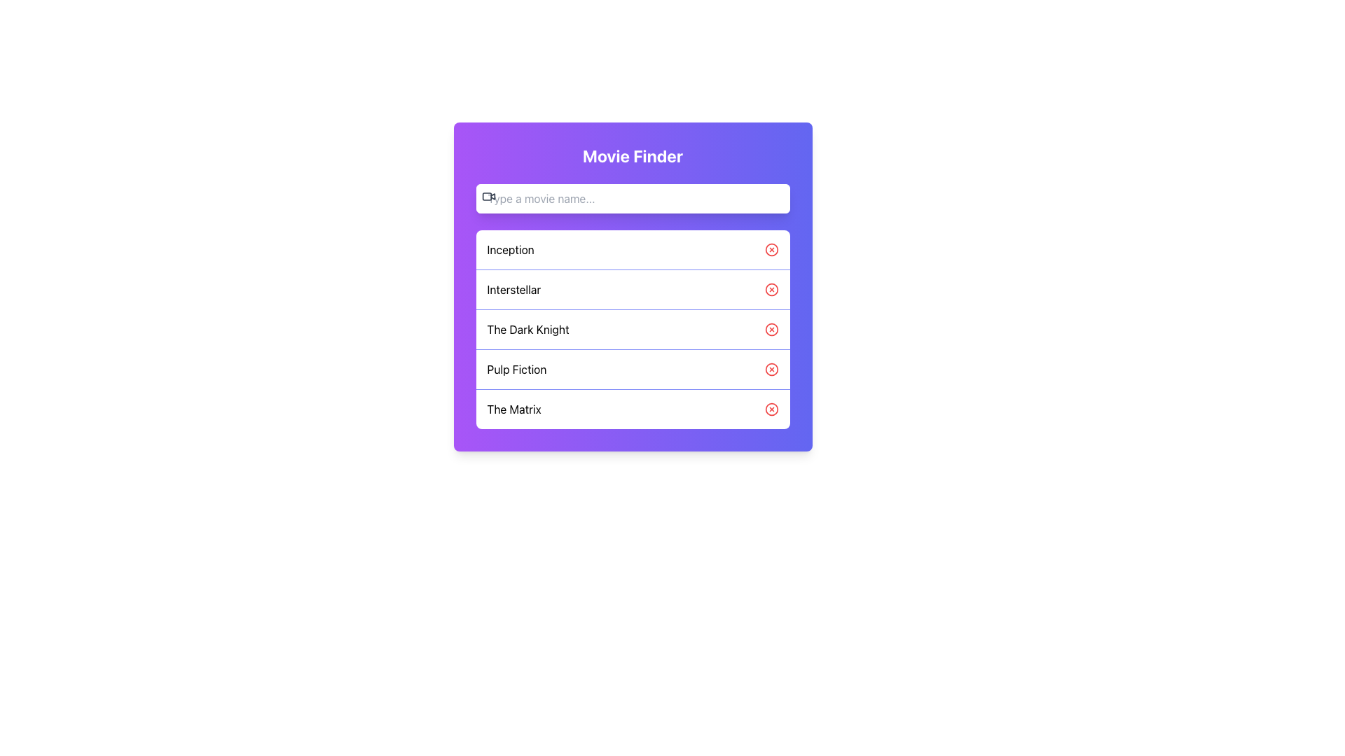 The image size is (1345, 756). What do you see at coordinates (771, 329) in the screenshot?
I see `the circular icon component that symbolizes the removal or close operation for 'The Dark Knight'` at bounding box center [771, 329].